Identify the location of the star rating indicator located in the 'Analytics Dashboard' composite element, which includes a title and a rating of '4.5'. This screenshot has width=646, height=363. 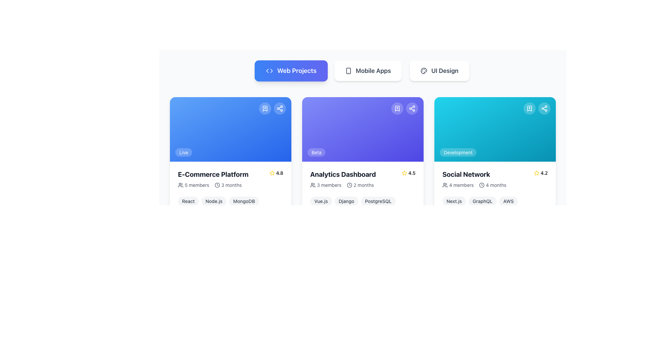
(362, 174).